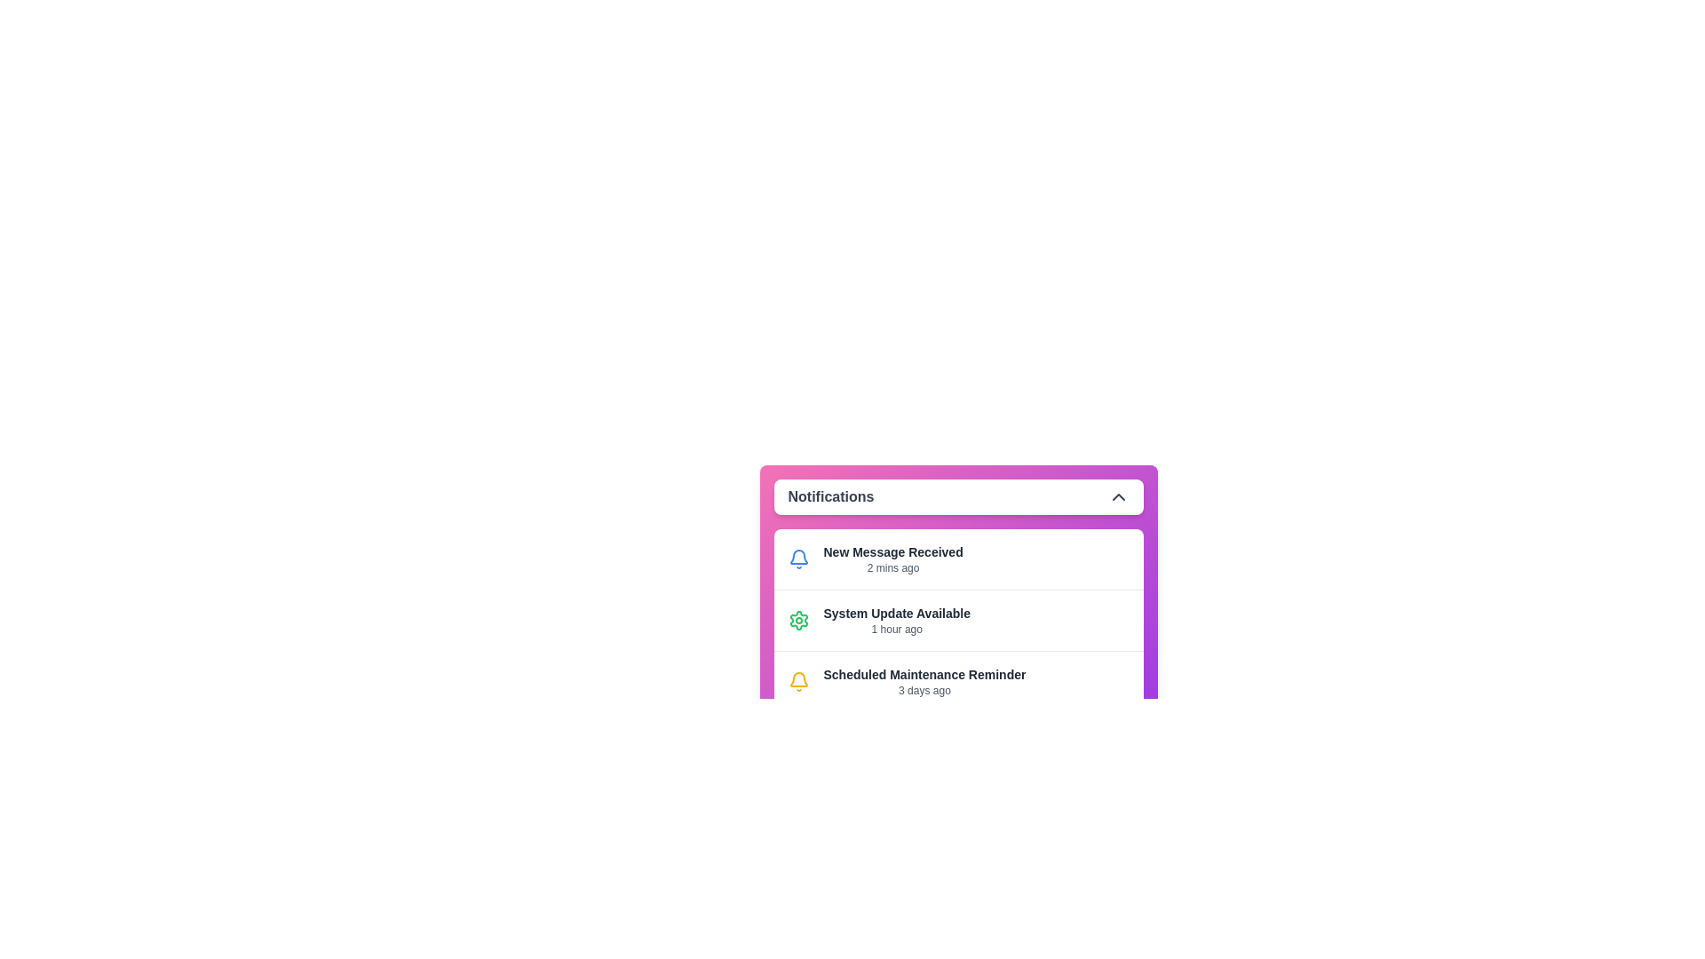 The image size is (1705, 959). What do you see at coordinates (797, 619) in the screenshot?
I see `the green gear-shaped icon located to the left of the text 'System Update Available'` at bounding box center [797, 619].